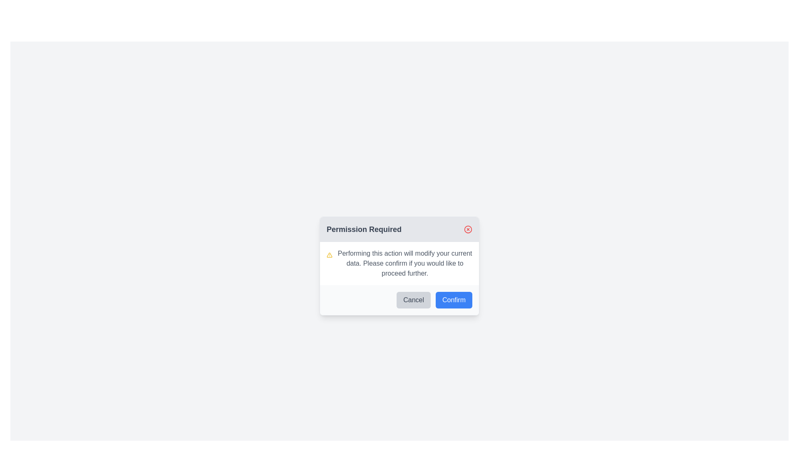  What do you see at coordinates (399, 263) in the screenshot?
I see `the informational text warning about data modification, which is located below the 'Permission Required' heading in the dialog box, directly above the 'Cancel' and 'Confirm' buttons` at bounding box center [399, 263].